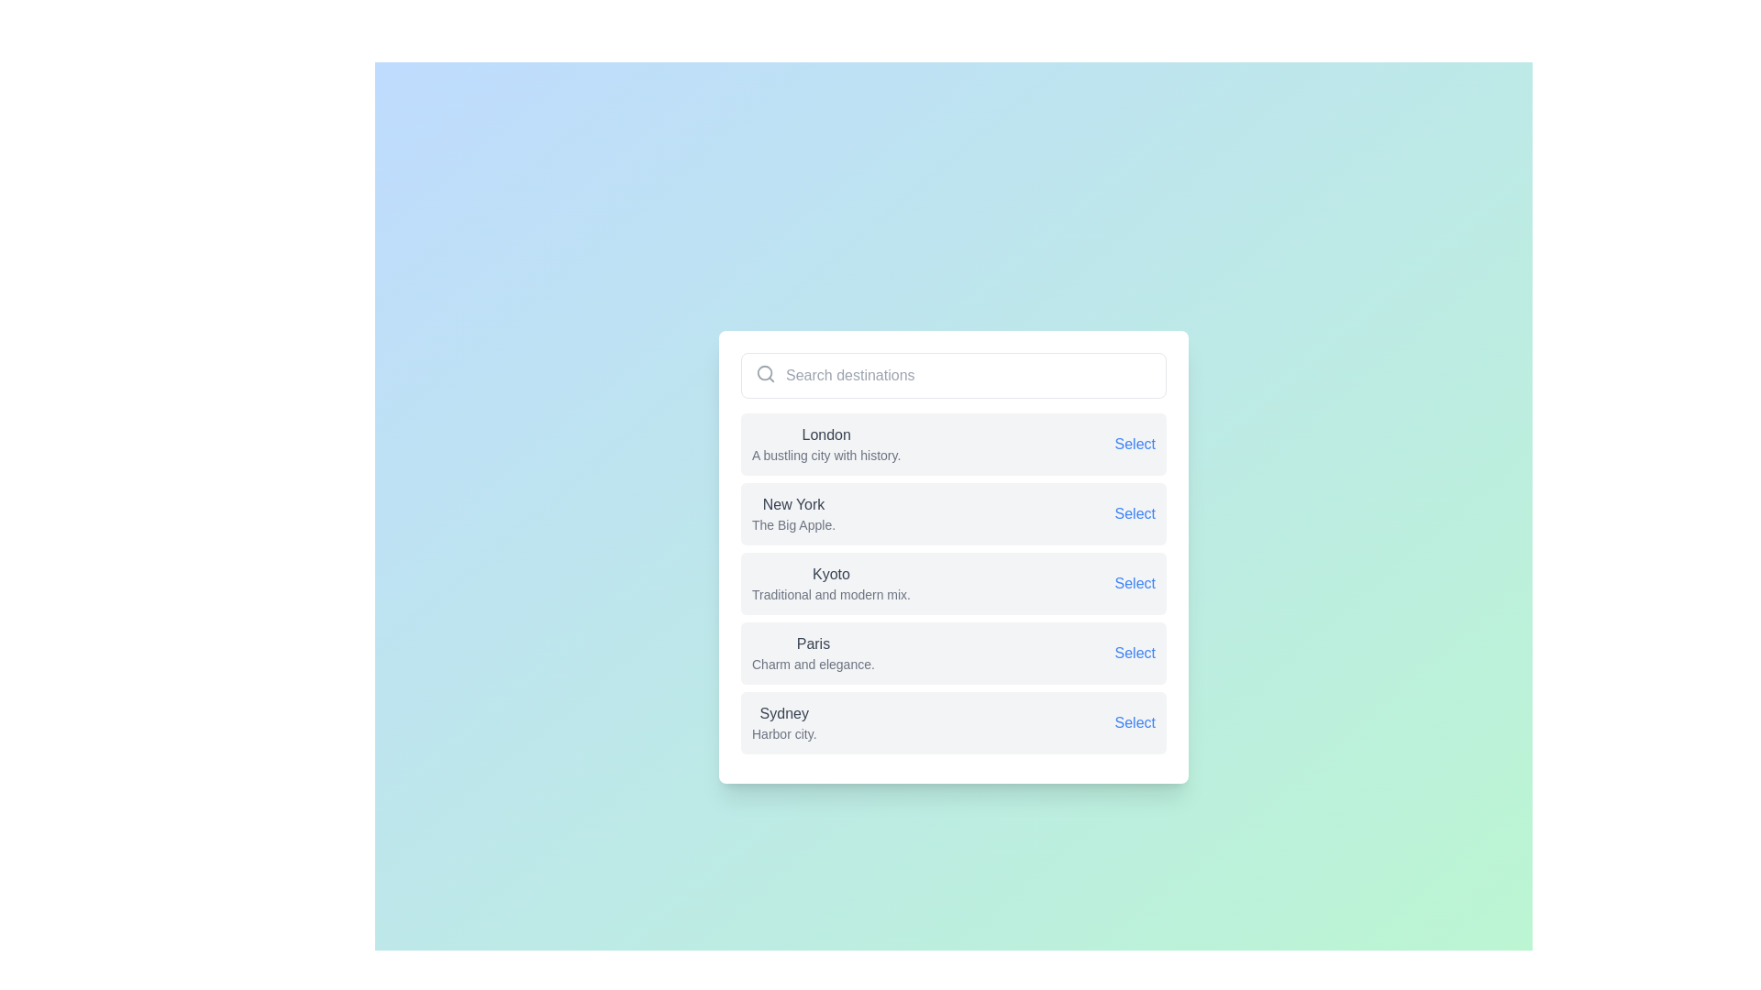  What do you see at coordinates (812, 665) in the screenshot?
I see `the text label 'Charm and elegance.' that is styled in a smaller gray font and located directly below the title 'Paris' in the item card for 'Paris'` at bounding box center [812, 665].